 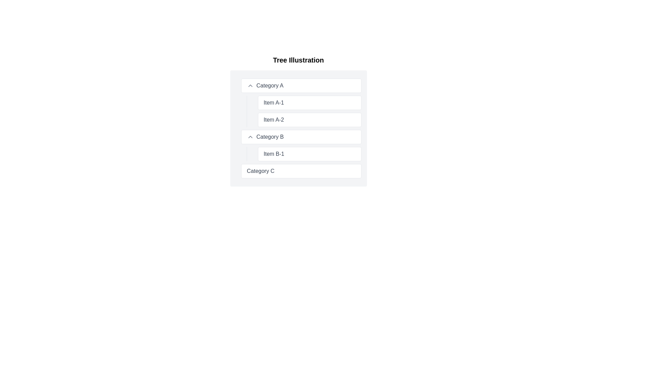 What do you see at coordinates (270, 85) in the screenshot?
I see `the text label 'Category A' which is part of a button-like interface, positioned to the right of a triangular dropdown icon` at bounding box center [270, 85].